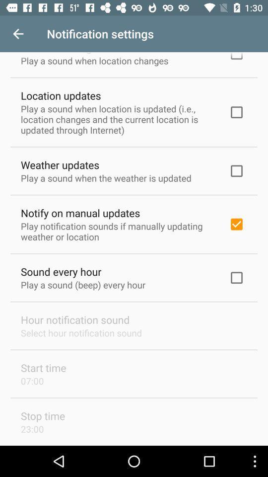  What do you see at coordinates (60, 164) in the screenshot?
I see `item below the play a sound icon` at bounding box center [60, 164].